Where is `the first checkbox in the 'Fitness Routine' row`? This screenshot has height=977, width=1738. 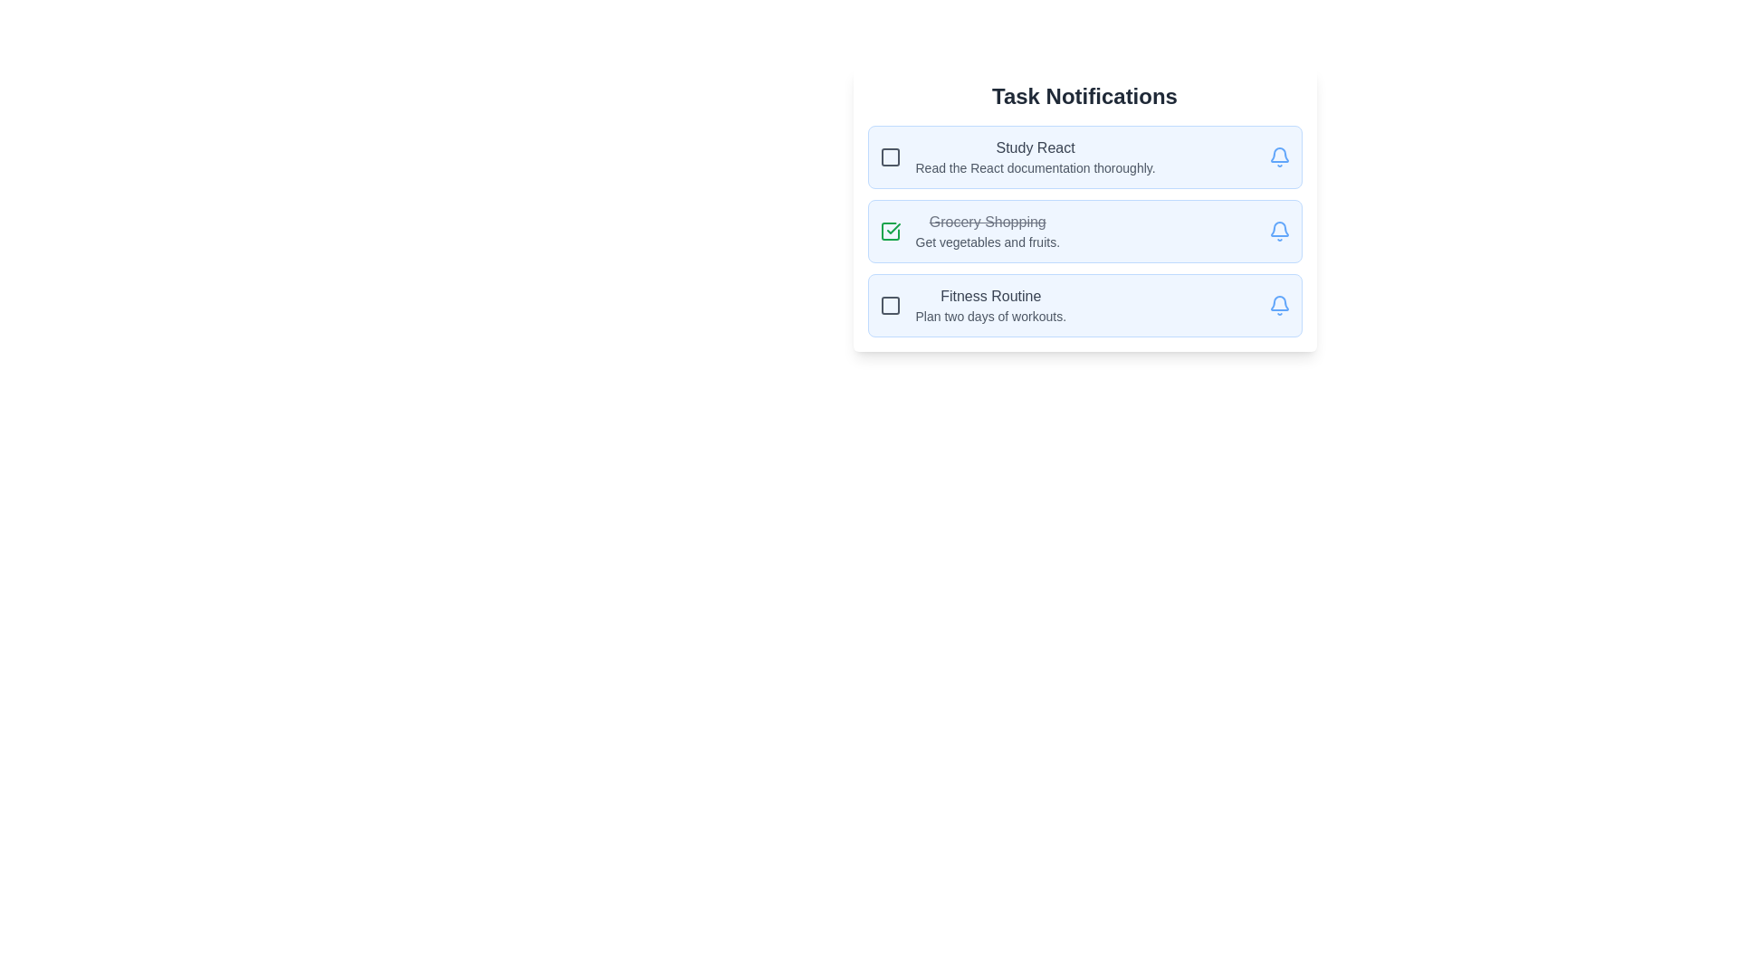 the first checkbox in the 'Fitness Routine' row is located at coordinates (890, 305).